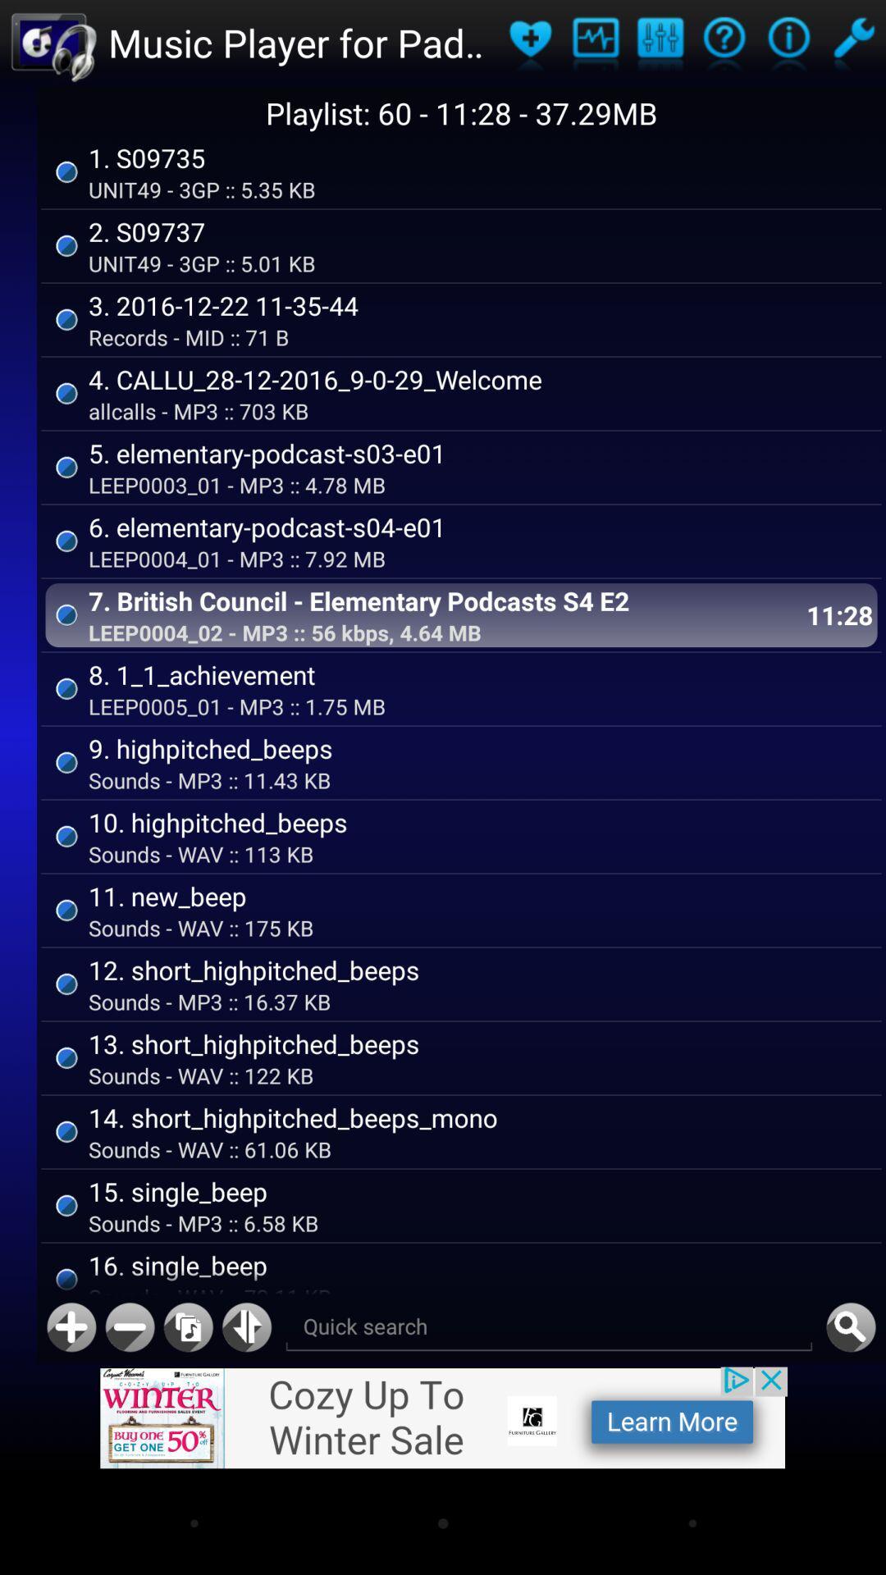  Describe the element at coordinates (129, 1327) in the screenshot. I see `minimize` at that location.